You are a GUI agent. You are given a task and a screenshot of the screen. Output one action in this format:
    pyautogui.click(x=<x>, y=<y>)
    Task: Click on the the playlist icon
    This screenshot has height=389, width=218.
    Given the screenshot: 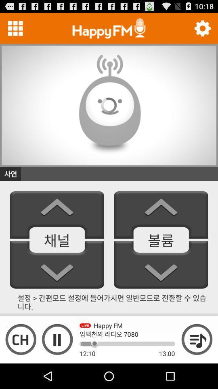 What is the action you would take?
    pyautogui.click(x=197, y=363)
    